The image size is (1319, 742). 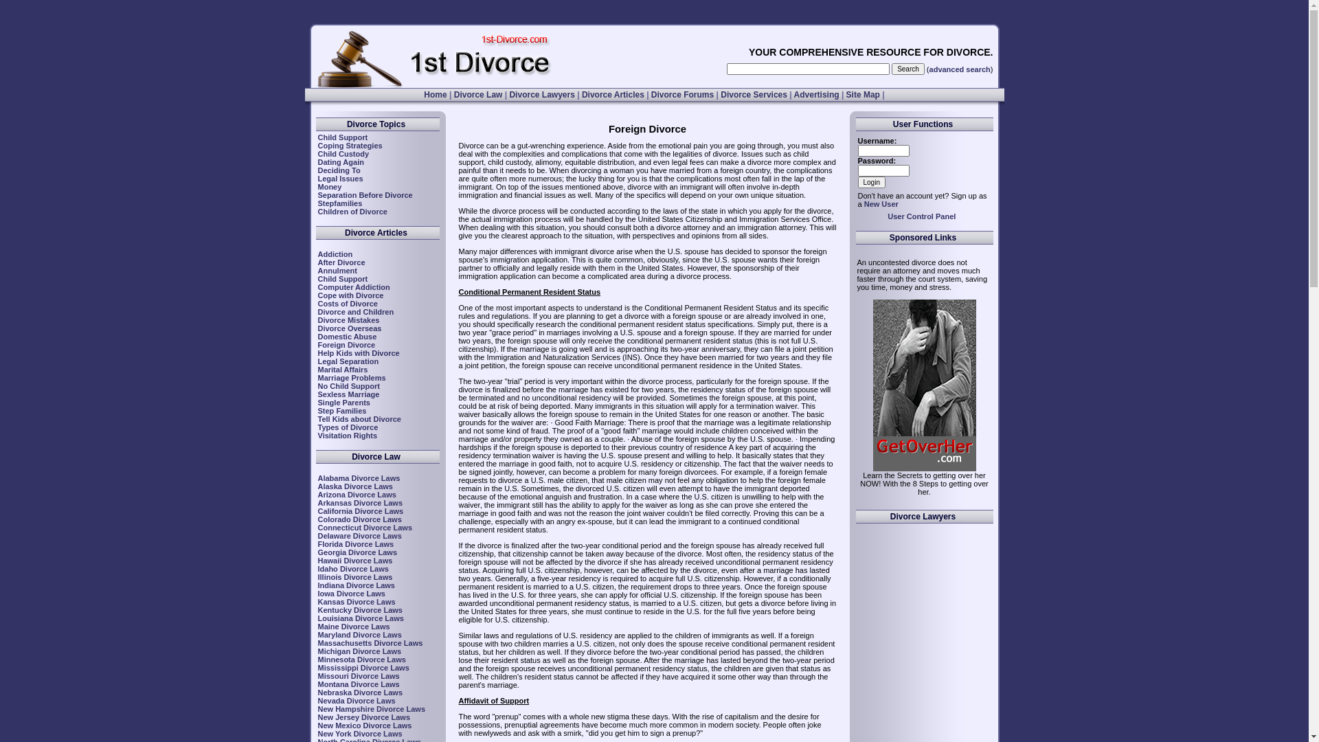 I want to click on 'Maine Divorce Laws', so click(x=353, y=626).